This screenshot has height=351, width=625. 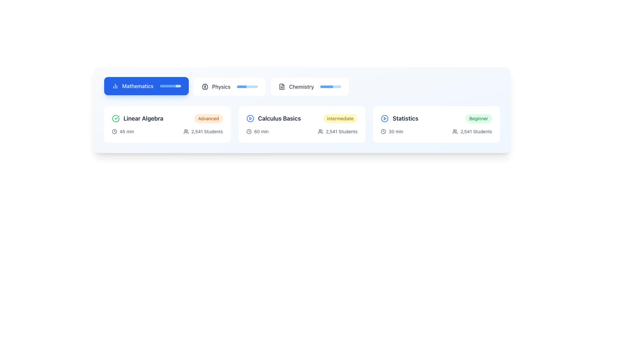 What do you see at coordinates (396, 132) in the screenshot?
I see `the information displayed in the text label showing '30 min', which is located in the 'Statistics' section beneath the title and next to a clock icon` at bounding box center [396, 132].